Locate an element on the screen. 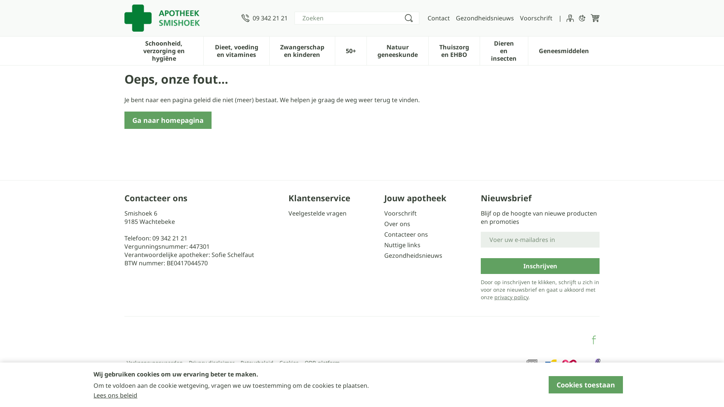  'Apotheek Smishoek' is located at coordinates (179, 17).